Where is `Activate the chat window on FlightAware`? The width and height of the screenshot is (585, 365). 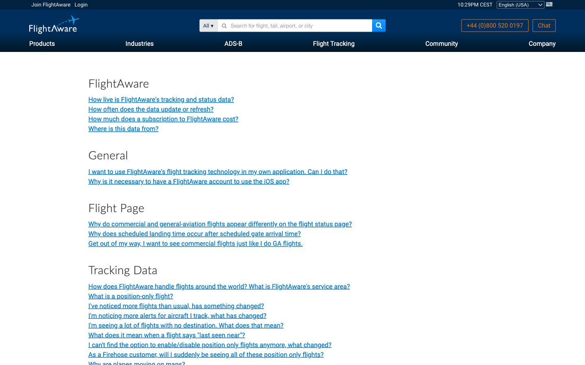 Activate the chat window on FlightAware is located at coordinates (544, 25).